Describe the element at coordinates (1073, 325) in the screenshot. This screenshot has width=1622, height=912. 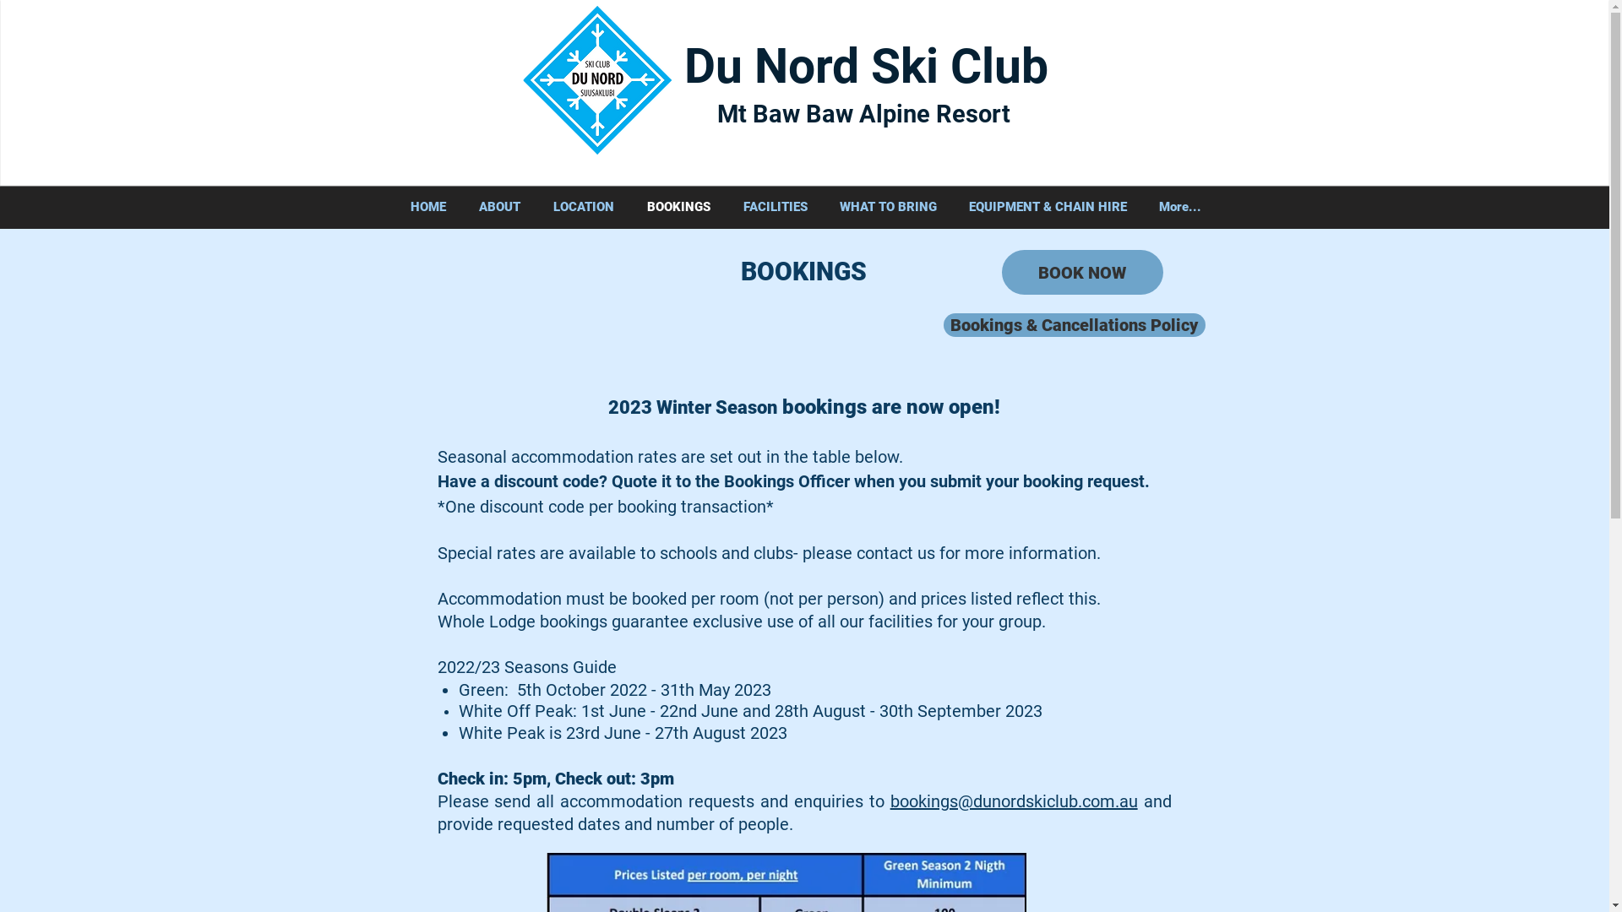
I see `'Bookings & Cancellations Policy'` at that location.